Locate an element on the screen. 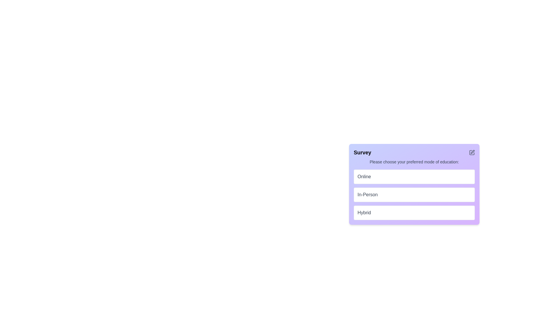 This screenshot has height=314, width=559. the 'In-Person' button, which is the second button in a vertical list of three interactive choice buttons under the 'Please choose your preferred mode of education:' section in the 'Survey' card is located at coordinates (414, 195).